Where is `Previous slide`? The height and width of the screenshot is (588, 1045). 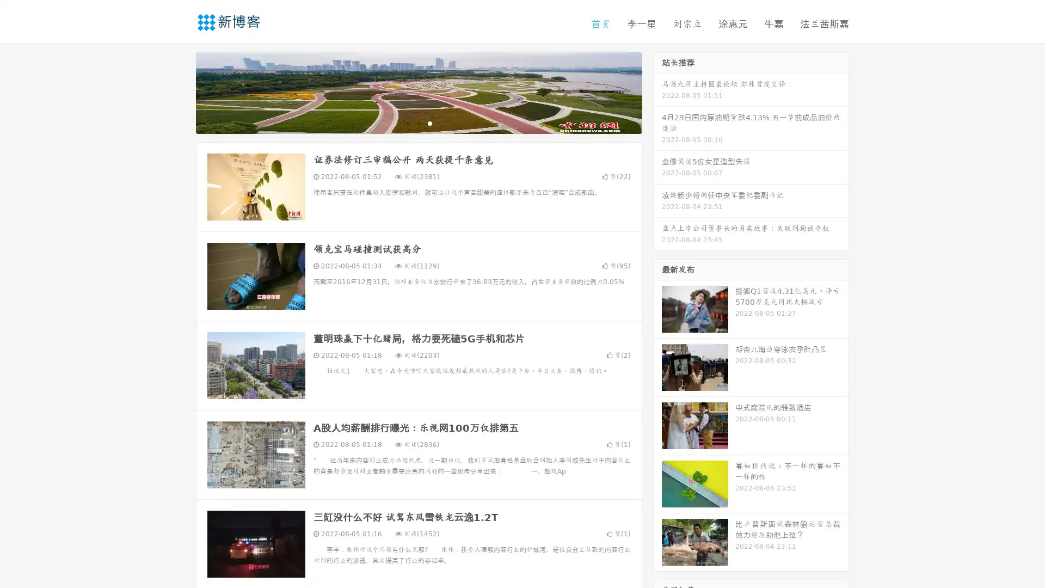 Previous slide is located at coordinates (180, 91).